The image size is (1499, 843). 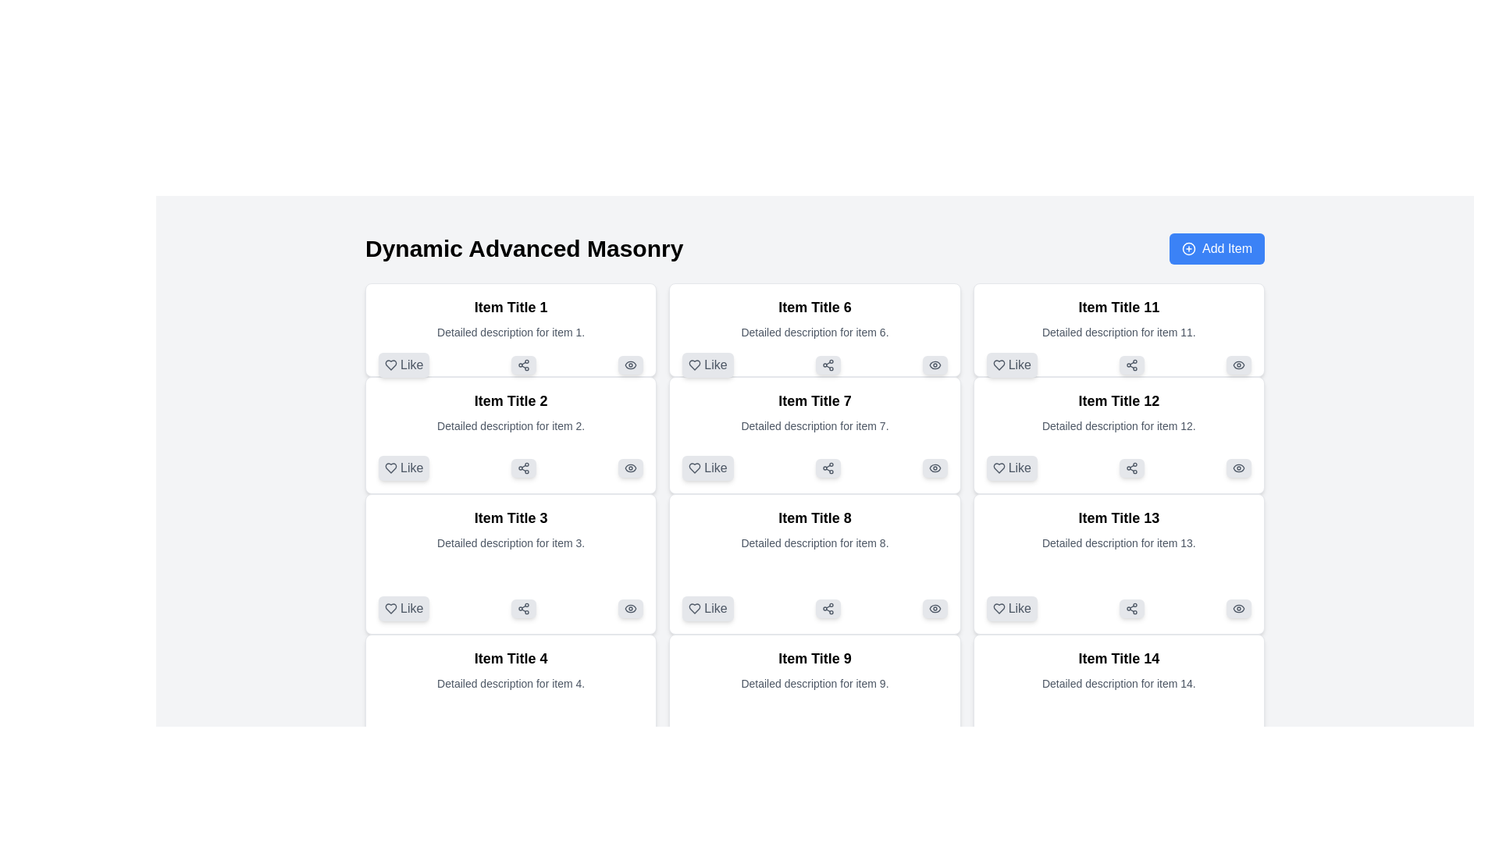 What do you see at coordinates (694, 607) in the screenshot?
I see `the center of the heart-shaped 'like' icon associated with 'Item Title 8'` at bounding box center [694, 607].